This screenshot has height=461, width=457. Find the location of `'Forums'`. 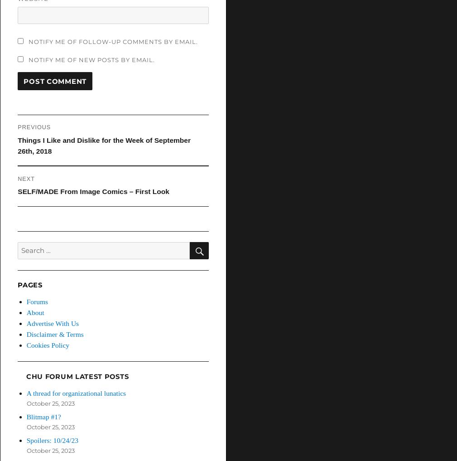

'Forums' is located at coordinates (37, 301).